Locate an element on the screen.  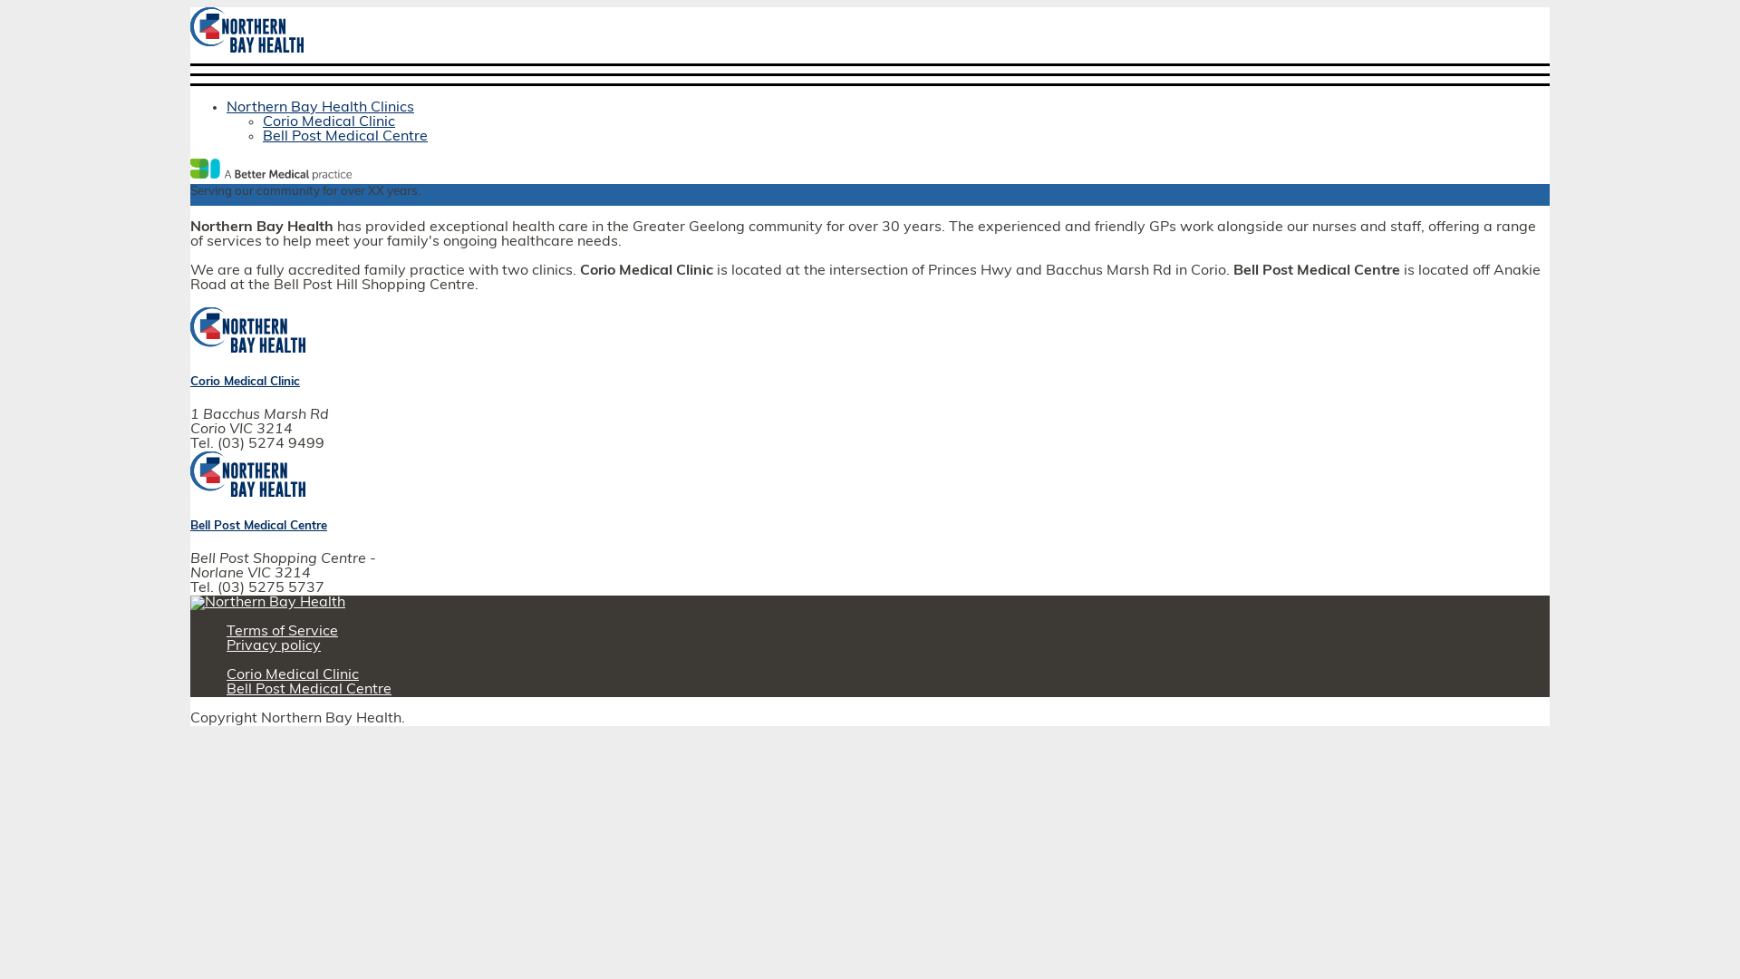
'Bell Post Medical Centre' is located at coordinates (257, 526).